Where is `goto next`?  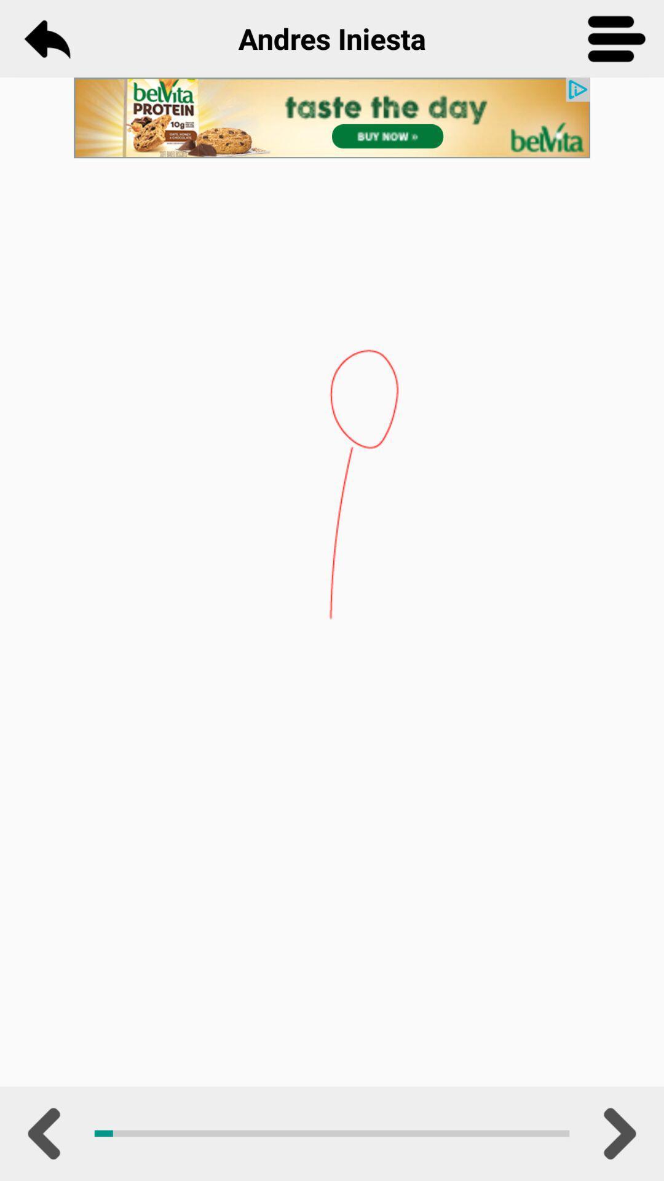
goto next is located at coordinates (617, 1133).